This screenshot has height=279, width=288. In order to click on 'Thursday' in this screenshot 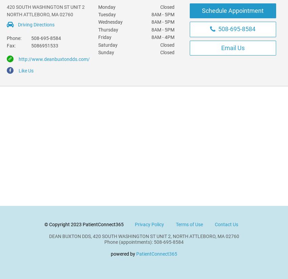, I will do `click(108, 29)`.